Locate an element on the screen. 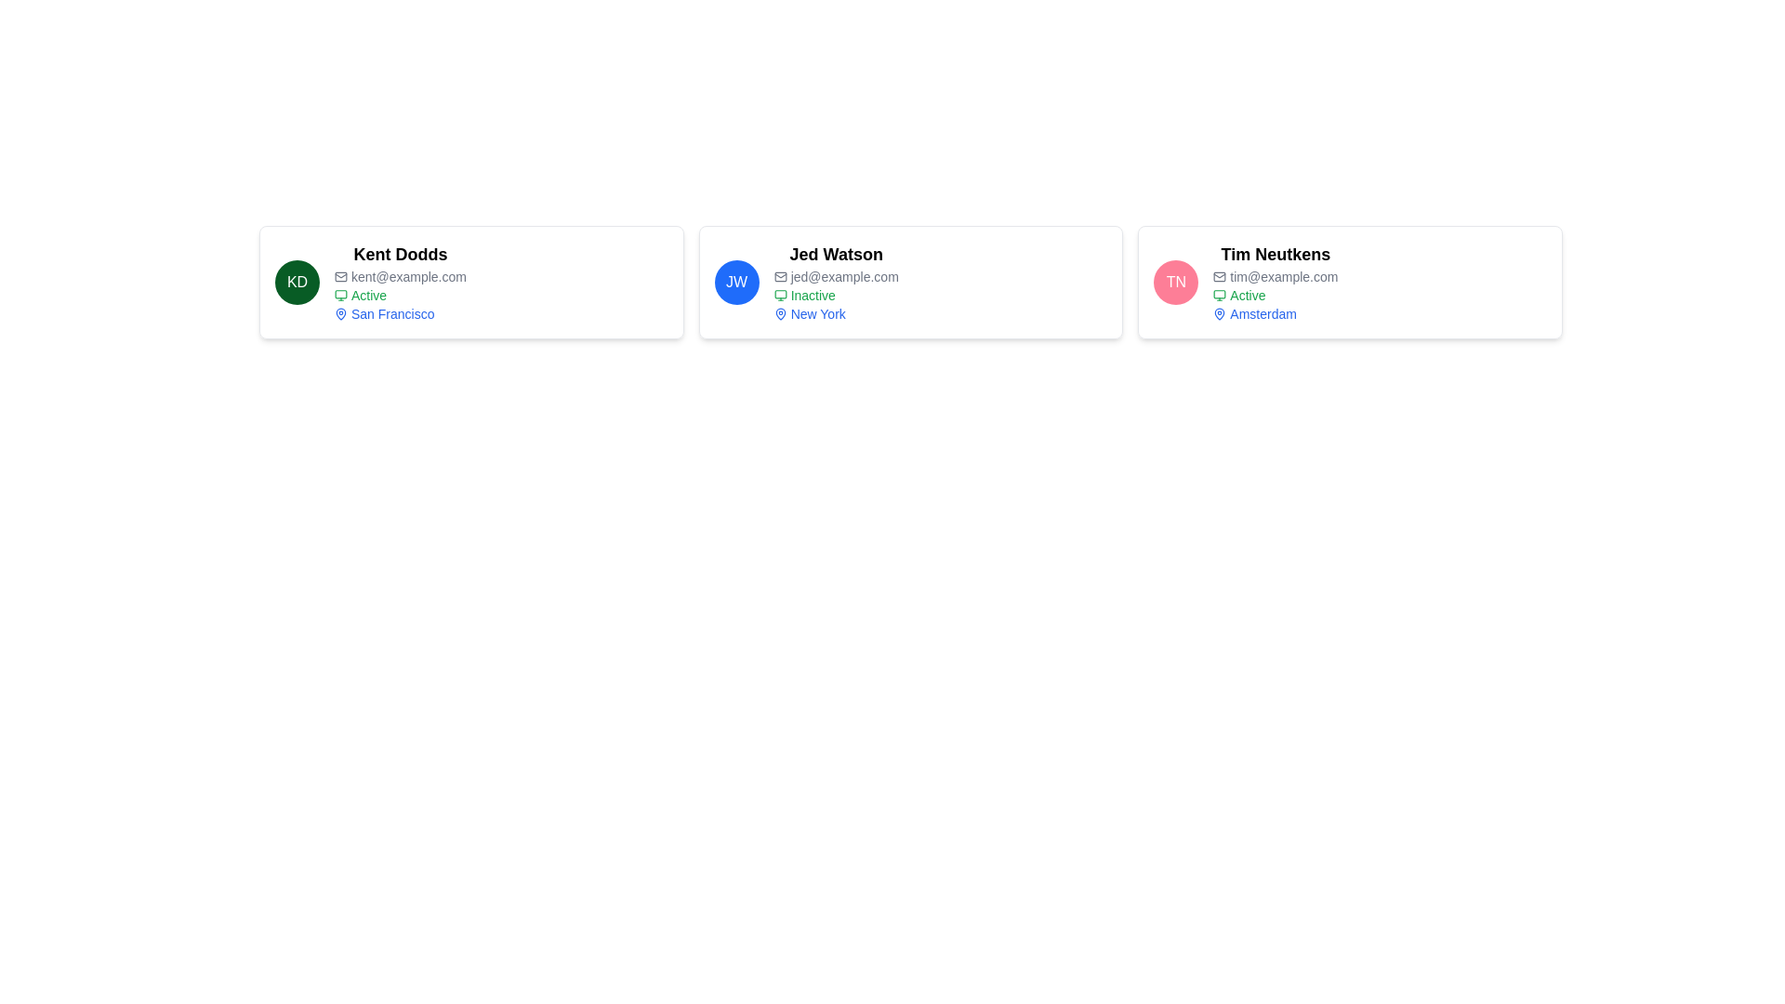 This screenshot has width=1785, height=1004. the blue circular map pin icon located to the left of the text 'Amsterdam' is located at coordinates (1220, 313).